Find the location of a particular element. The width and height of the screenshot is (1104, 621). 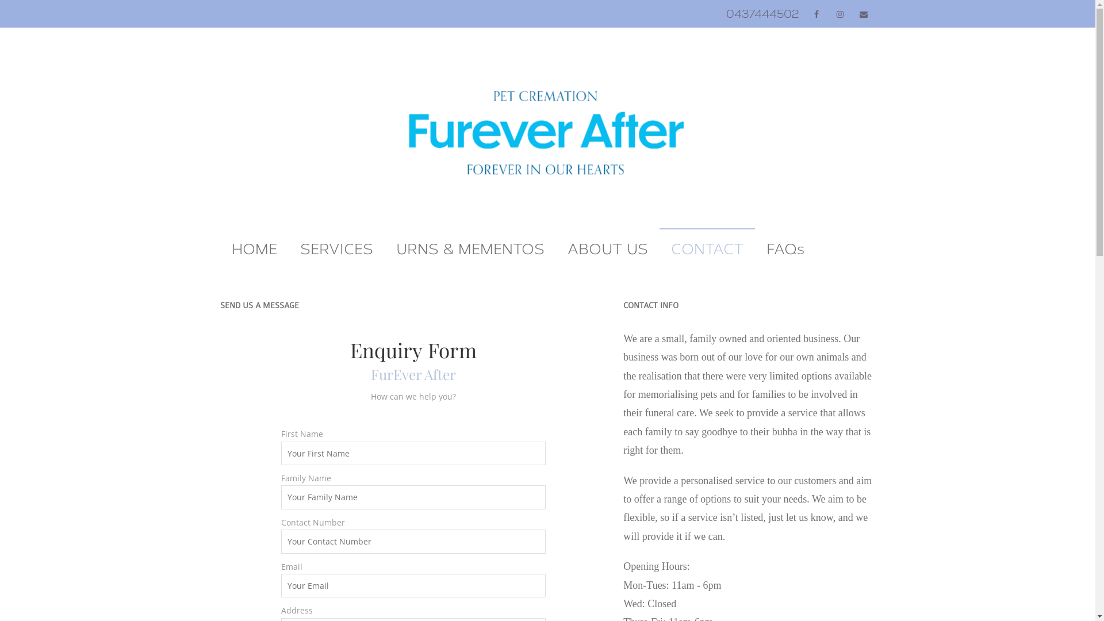

'HOME' is located at coordinates (220, 248).